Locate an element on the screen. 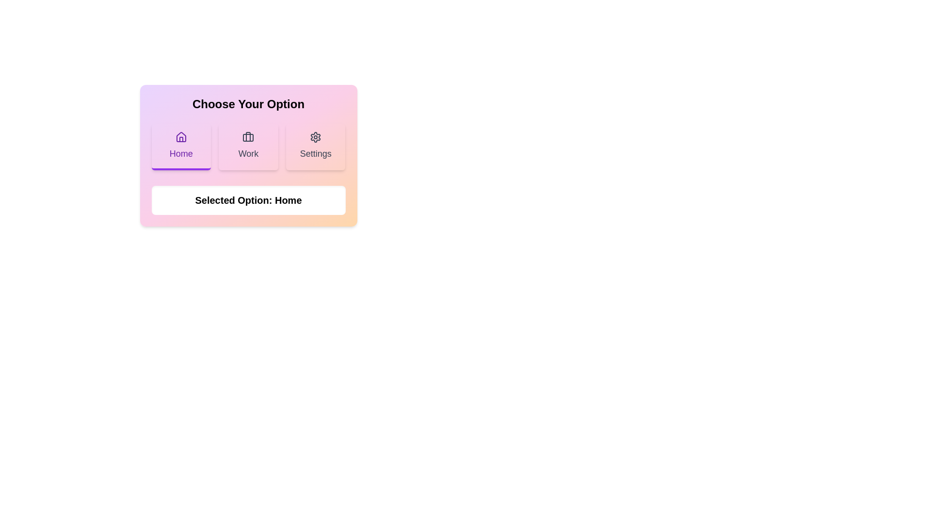 This screenshot has height=524, width=931. the second button in the grid structure, positioned centrally between the 'Home' button and the 'Settings' button is located at coordinates (248, 147).